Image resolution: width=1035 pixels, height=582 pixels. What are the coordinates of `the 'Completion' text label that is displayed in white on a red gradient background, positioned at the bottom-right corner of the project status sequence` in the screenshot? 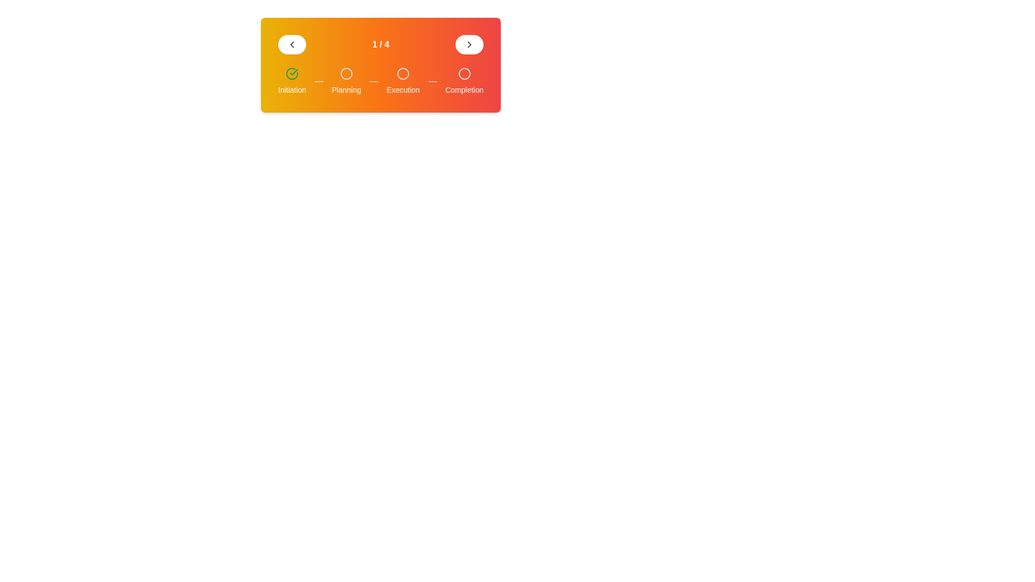 It's located at (464, 89).